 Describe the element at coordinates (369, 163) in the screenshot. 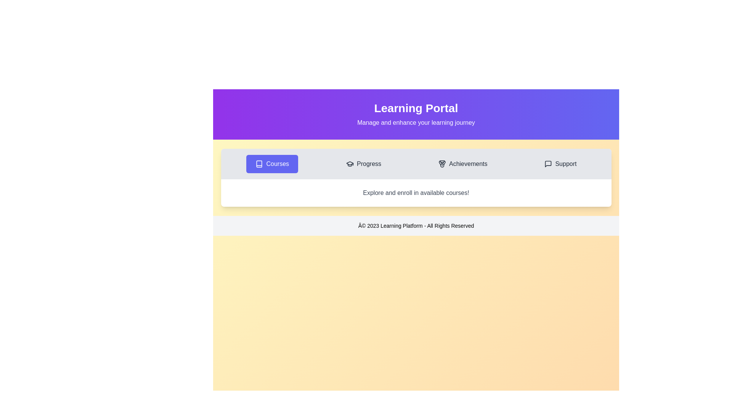

I see `the 'Progress' text label inside the navigation button` at that location.